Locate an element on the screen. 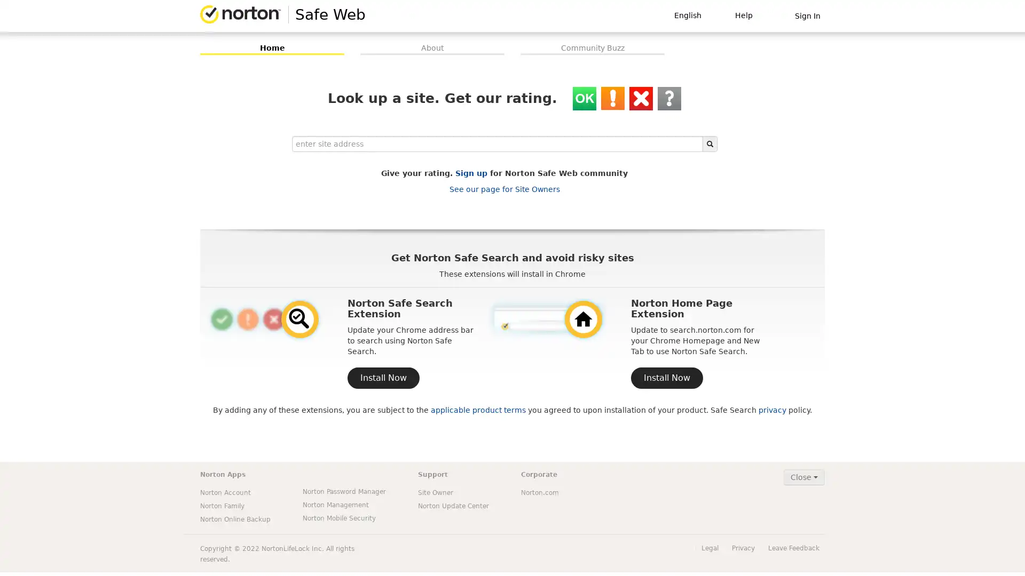  Install Now is located at coordinates (666, 378).